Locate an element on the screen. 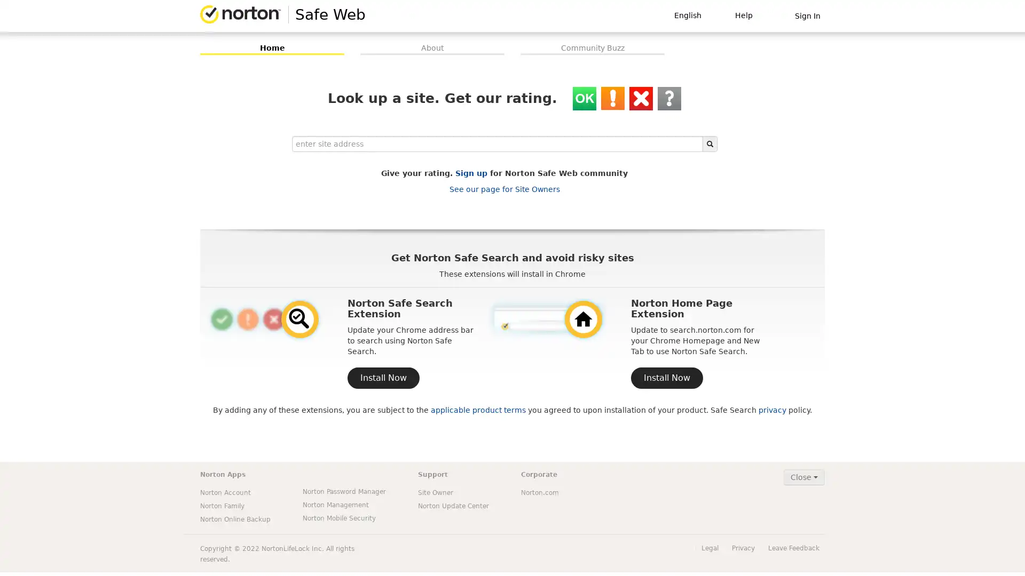  Install Now is located at coordinates (666, 378).